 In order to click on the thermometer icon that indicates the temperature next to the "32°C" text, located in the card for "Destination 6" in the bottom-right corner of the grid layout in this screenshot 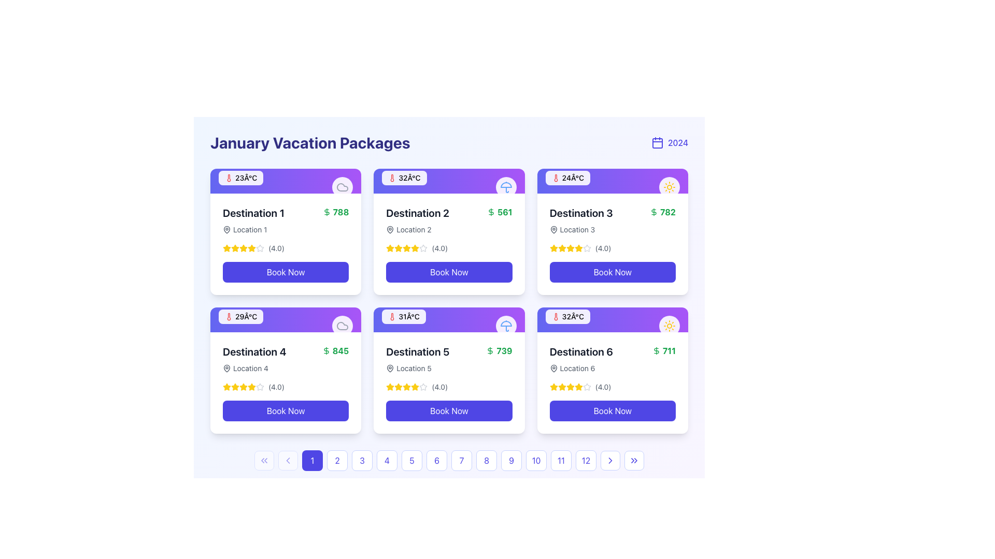, I will do `click(555, 316)`.